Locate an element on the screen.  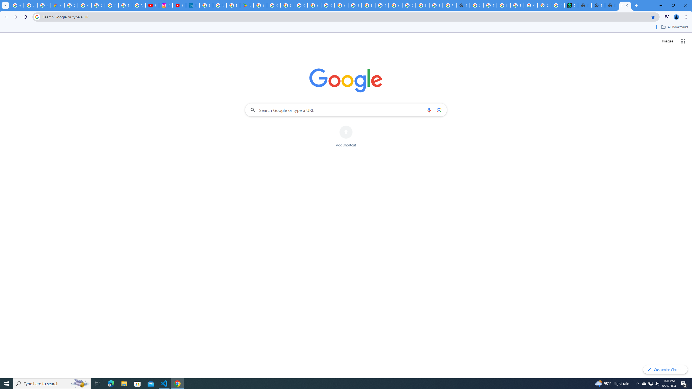
'Google Cloud Platform' is located at coordinates (409, 5).